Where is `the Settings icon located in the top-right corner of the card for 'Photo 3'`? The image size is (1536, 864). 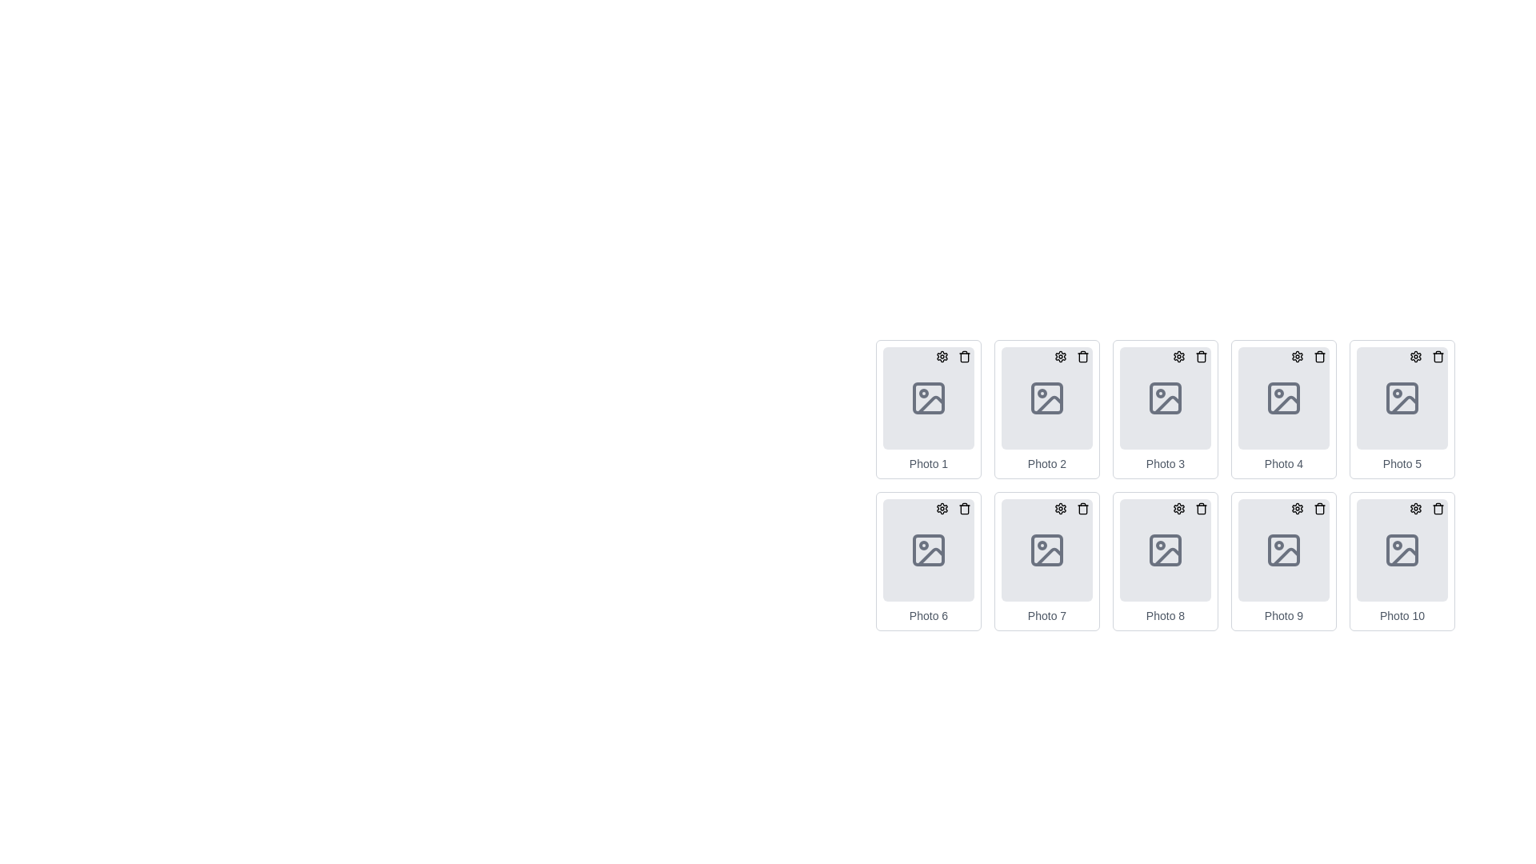
the Settings icon located in the top-right corner of the card for 'Photo 3' is located at coordinates (1178, 356).